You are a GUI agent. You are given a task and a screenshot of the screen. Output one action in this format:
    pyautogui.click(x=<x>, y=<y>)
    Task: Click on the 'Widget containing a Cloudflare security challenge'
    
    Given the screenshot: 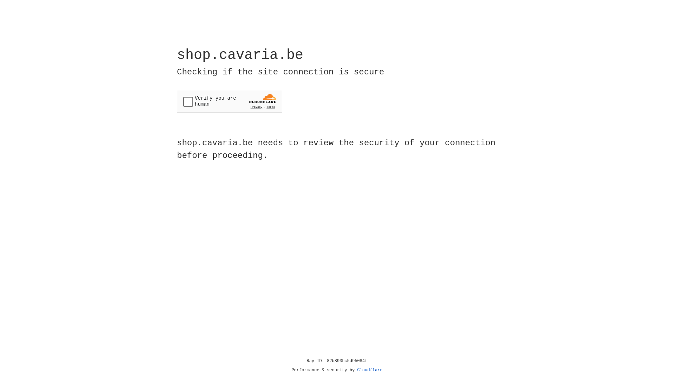 What is the action you would take?
    pyautogui.click(x=229, y=101)
    